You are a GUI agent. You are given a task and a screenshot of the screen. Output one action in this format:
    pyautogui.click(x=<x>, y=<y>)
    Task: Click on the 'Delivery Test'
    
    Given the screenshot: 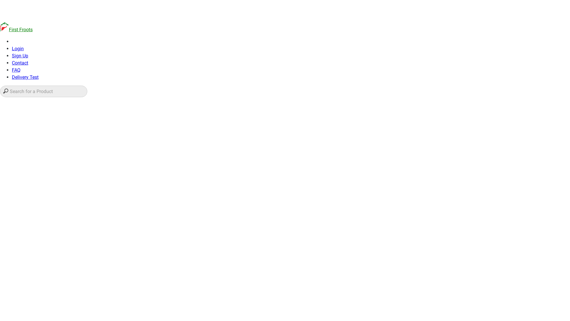 What is the action you would take?
    pyautogui.click(x=25, y=77)
    